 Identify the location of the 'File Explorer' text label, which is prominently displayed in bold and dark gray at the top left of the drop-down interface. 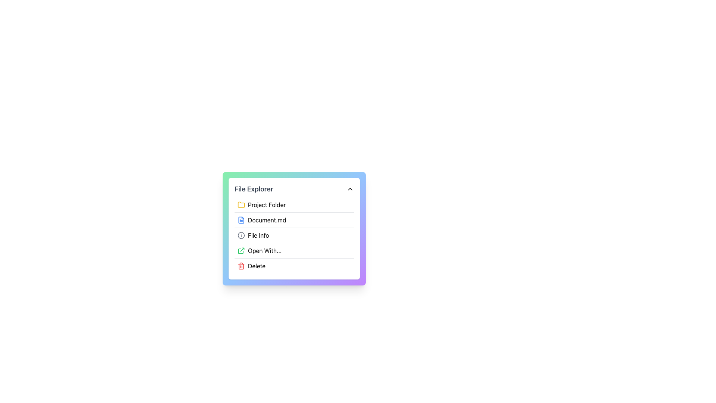
(254, 188).